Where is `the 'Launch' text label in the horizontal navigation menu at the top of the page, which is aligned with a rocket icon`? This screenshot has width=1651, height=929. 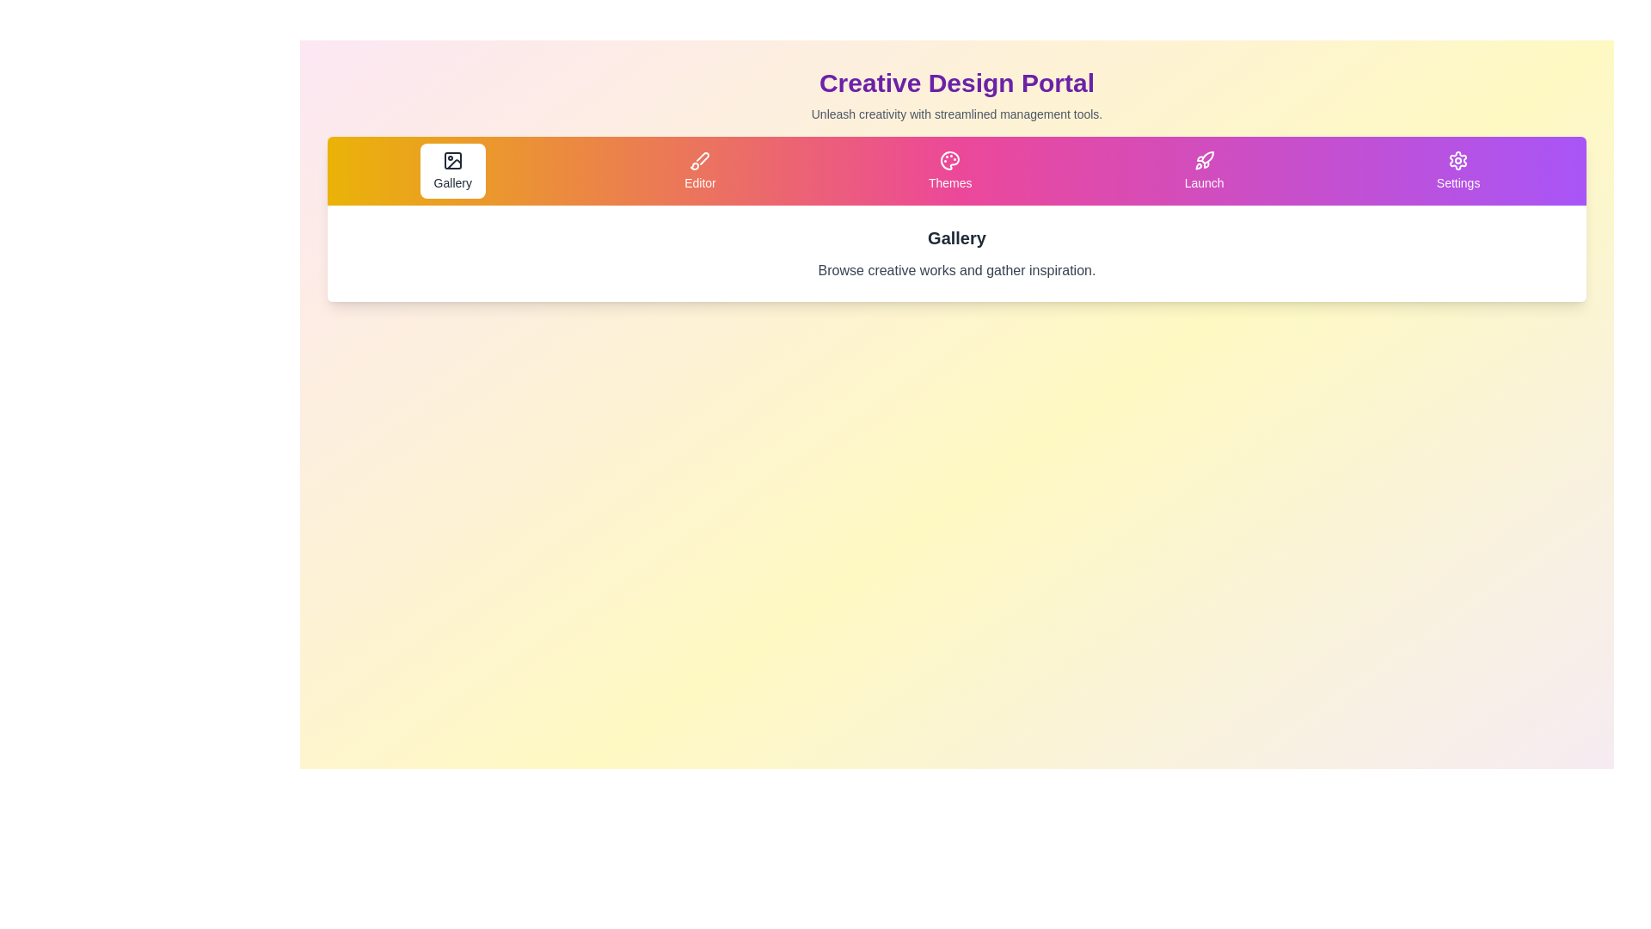
the 'Launch' text label in the horizontal navigation menu at the top of the page, which is aligned with a rocket icon is located at coordinates (1203, 182).